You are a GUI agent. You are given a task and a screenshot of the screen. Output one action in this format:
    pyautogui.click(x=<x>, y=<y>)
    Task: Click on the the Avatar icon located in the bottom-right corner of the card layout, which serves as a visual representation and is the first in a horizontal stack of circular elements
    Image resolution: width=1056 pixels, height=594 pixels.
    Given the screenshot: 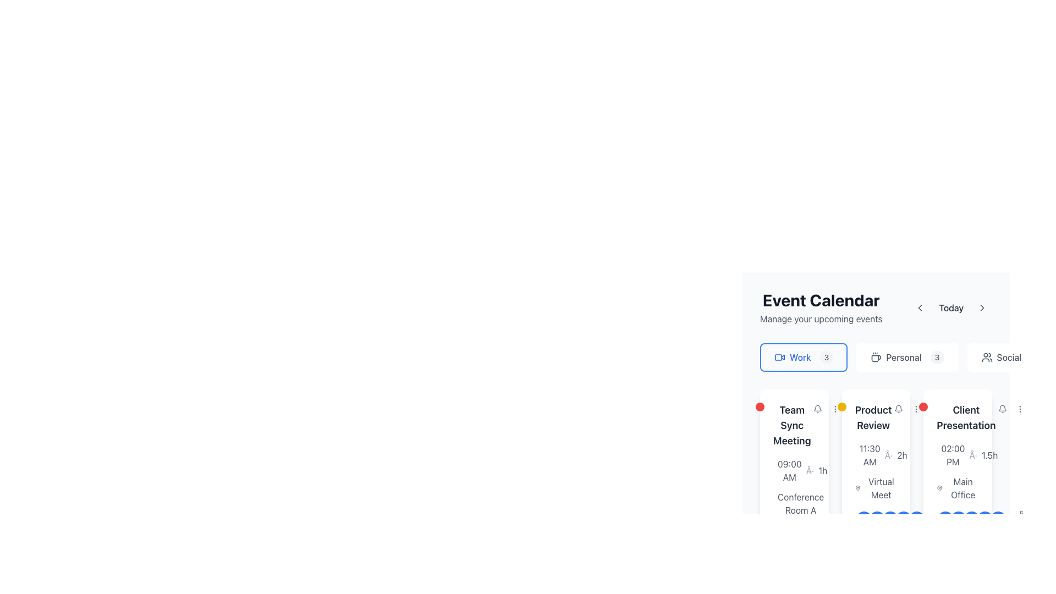 What is the action you would take?
    pyautogui.click(x=863, y=519)
    